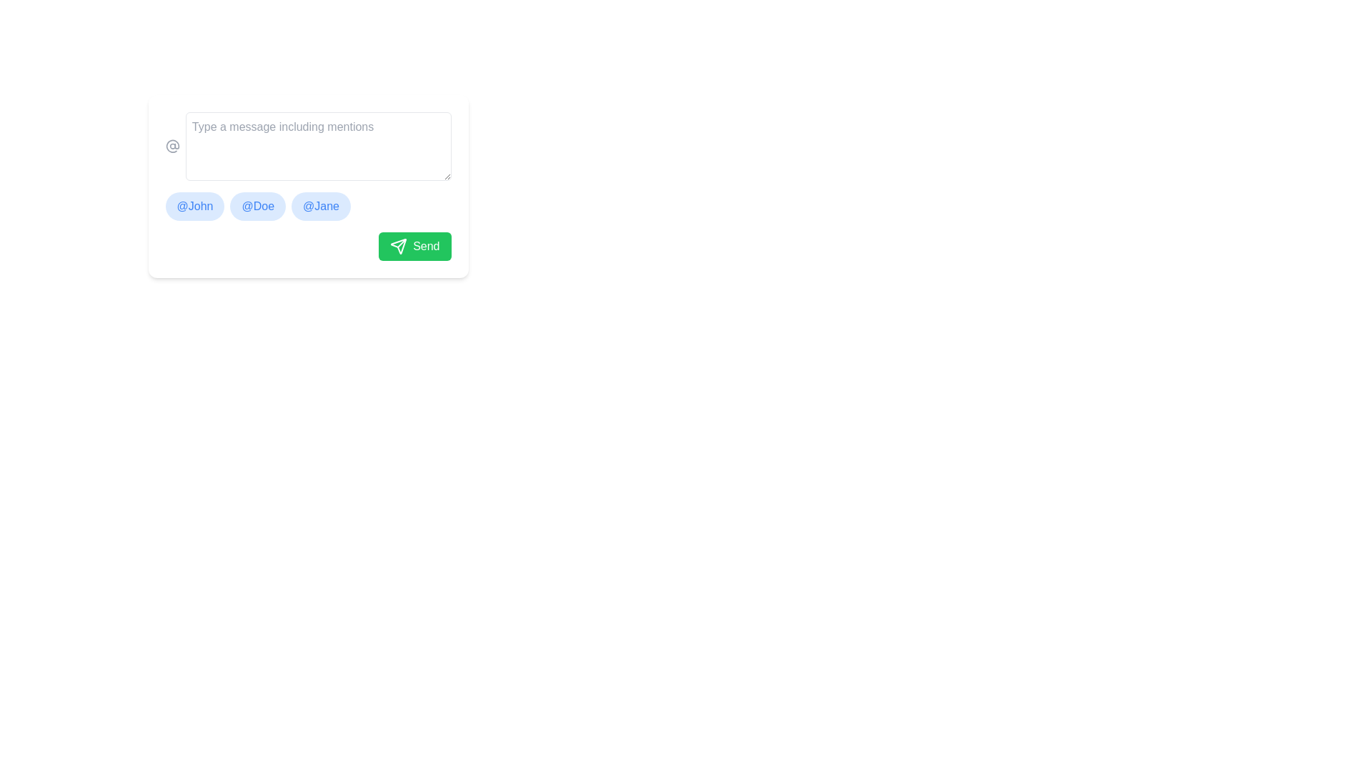 The image size is (1372, 772). Describe the element at coordinates (414, 245) in the screenshot. I see `the uniquely identifiable 'Send' button with a green background and paper plane icon to activate hover effects` at that location.